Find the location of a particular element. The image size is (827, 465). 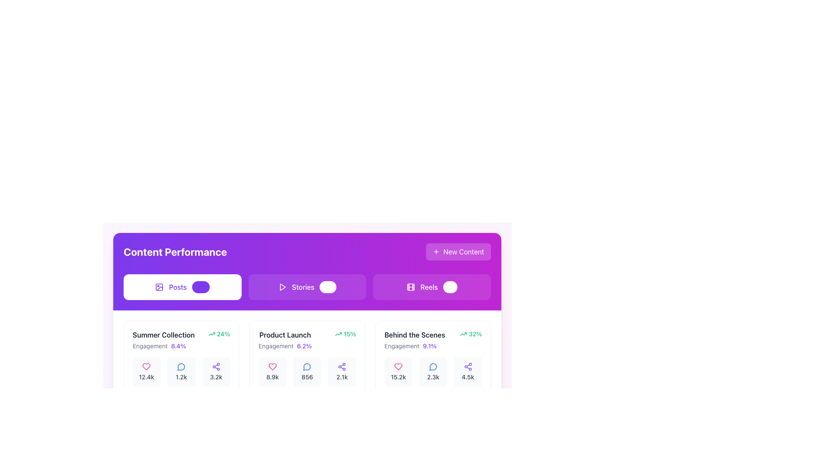

information displayed in the text element showing 'Engagement 9.1%' which is styled with 'Engagement' in gray and '9.1%' in bold violet, located within the card titled 'Behind the Scenes' is located at coordinates (415, 345).